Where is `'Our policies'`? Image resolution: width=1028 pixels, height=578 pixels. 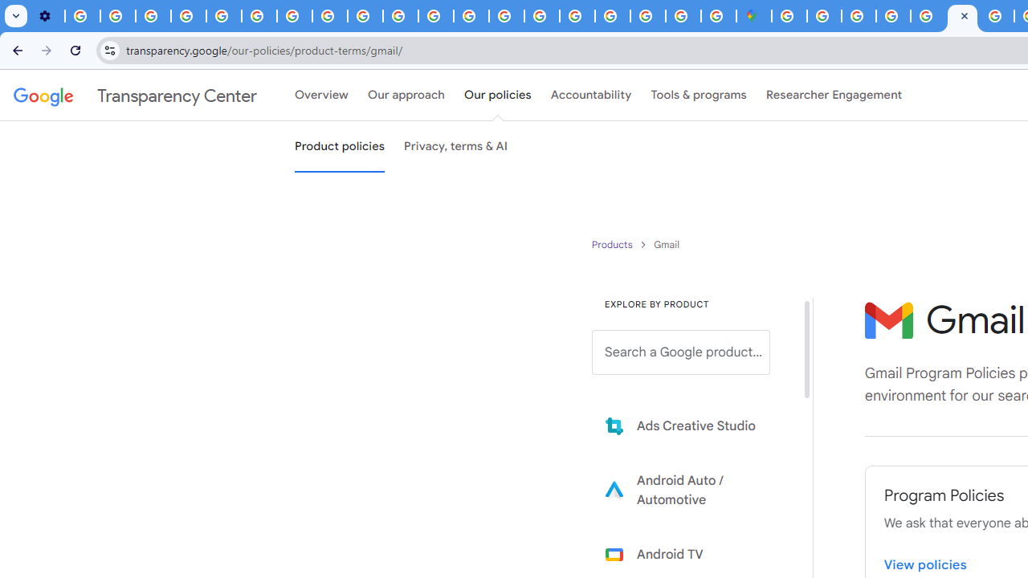 'Our policies' is located at coordinates (497, 96).